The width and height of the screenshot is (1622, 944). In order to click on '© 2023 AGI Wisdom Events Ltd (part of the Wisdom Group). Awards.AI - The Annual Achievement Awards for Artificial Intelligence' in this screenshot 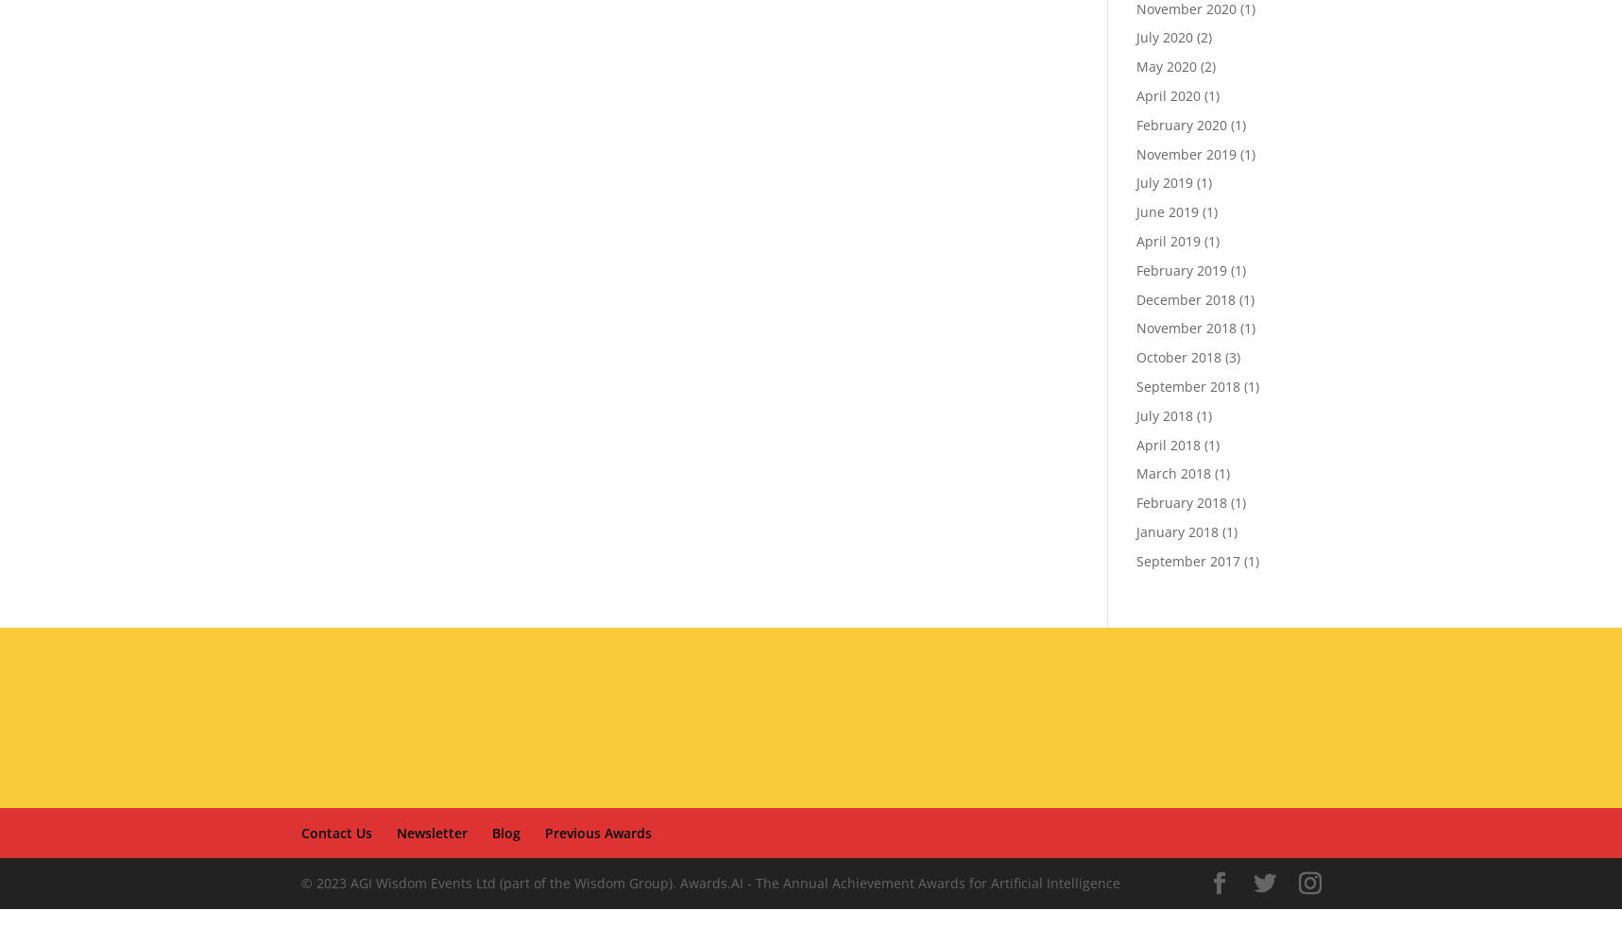, I will do `click(709, 883)`.